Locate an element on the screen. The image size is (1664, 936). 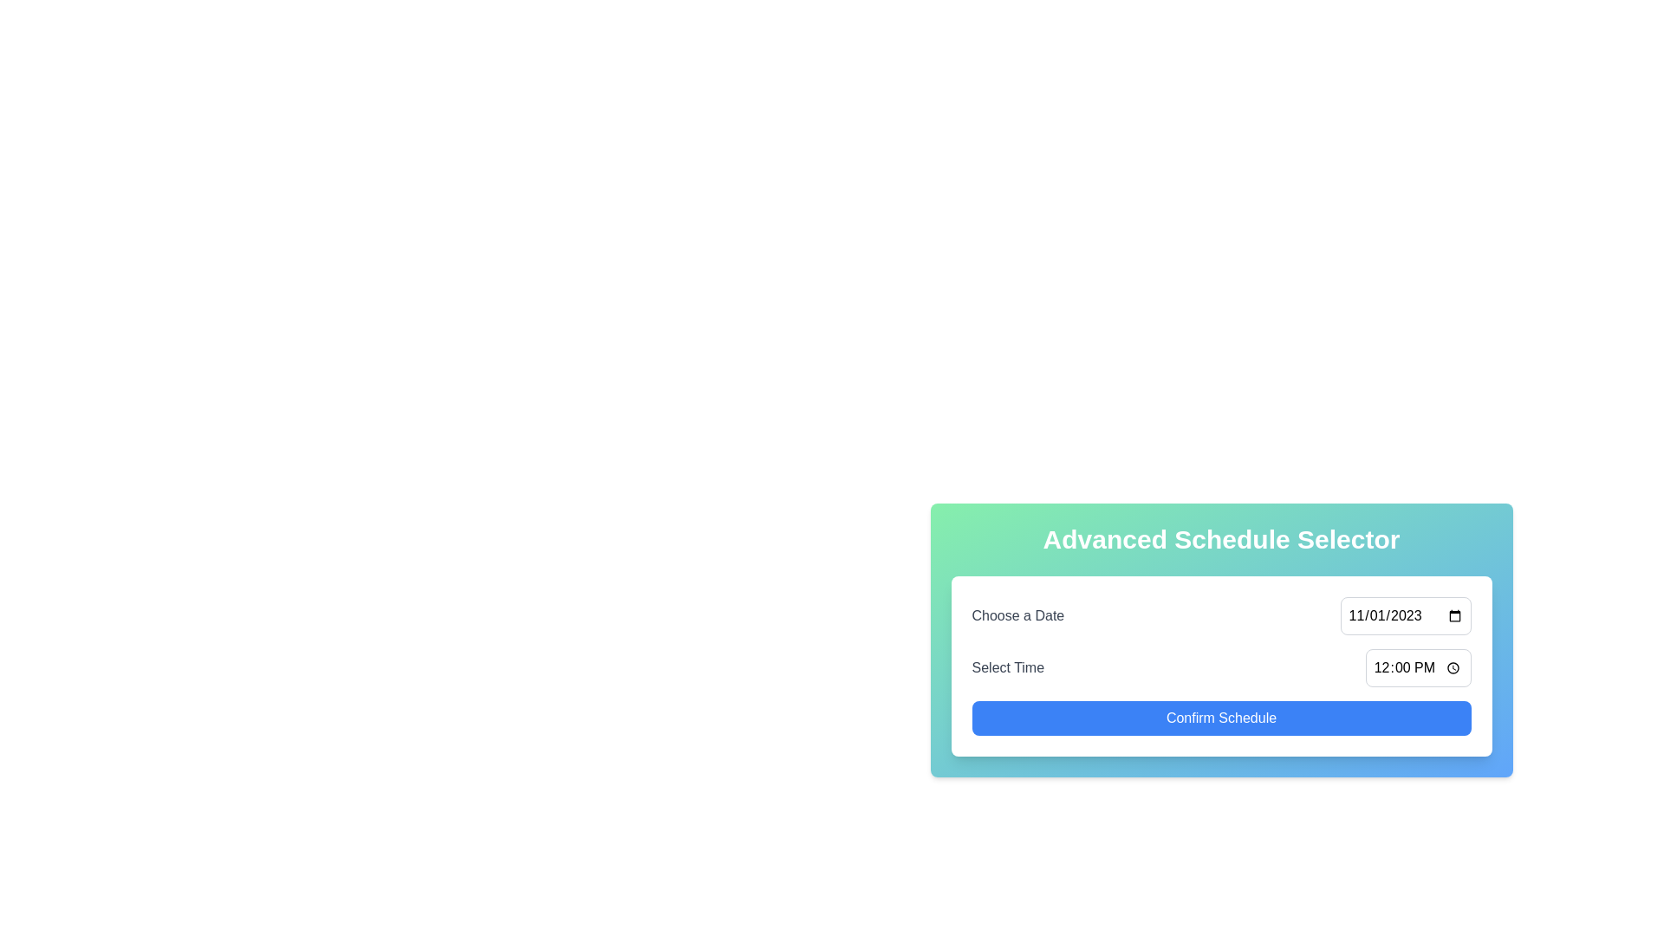
the Date Input Field located in the top-right section of the 'Advanced Schedule Selector' panel is located at coordinates (1406, 614).